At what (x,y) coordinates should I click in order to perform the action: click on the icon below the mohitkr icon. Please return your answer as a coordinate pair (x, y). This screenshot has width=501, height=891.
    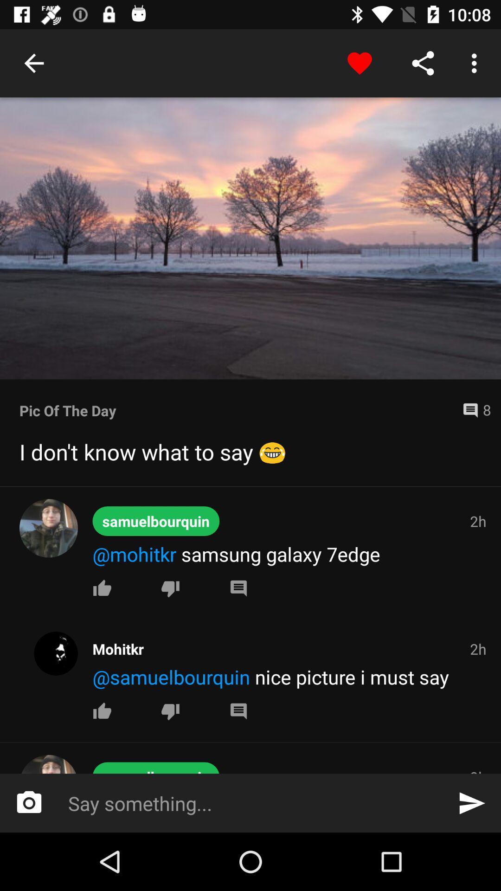
    Looking at the image, I should click on (290, 677).